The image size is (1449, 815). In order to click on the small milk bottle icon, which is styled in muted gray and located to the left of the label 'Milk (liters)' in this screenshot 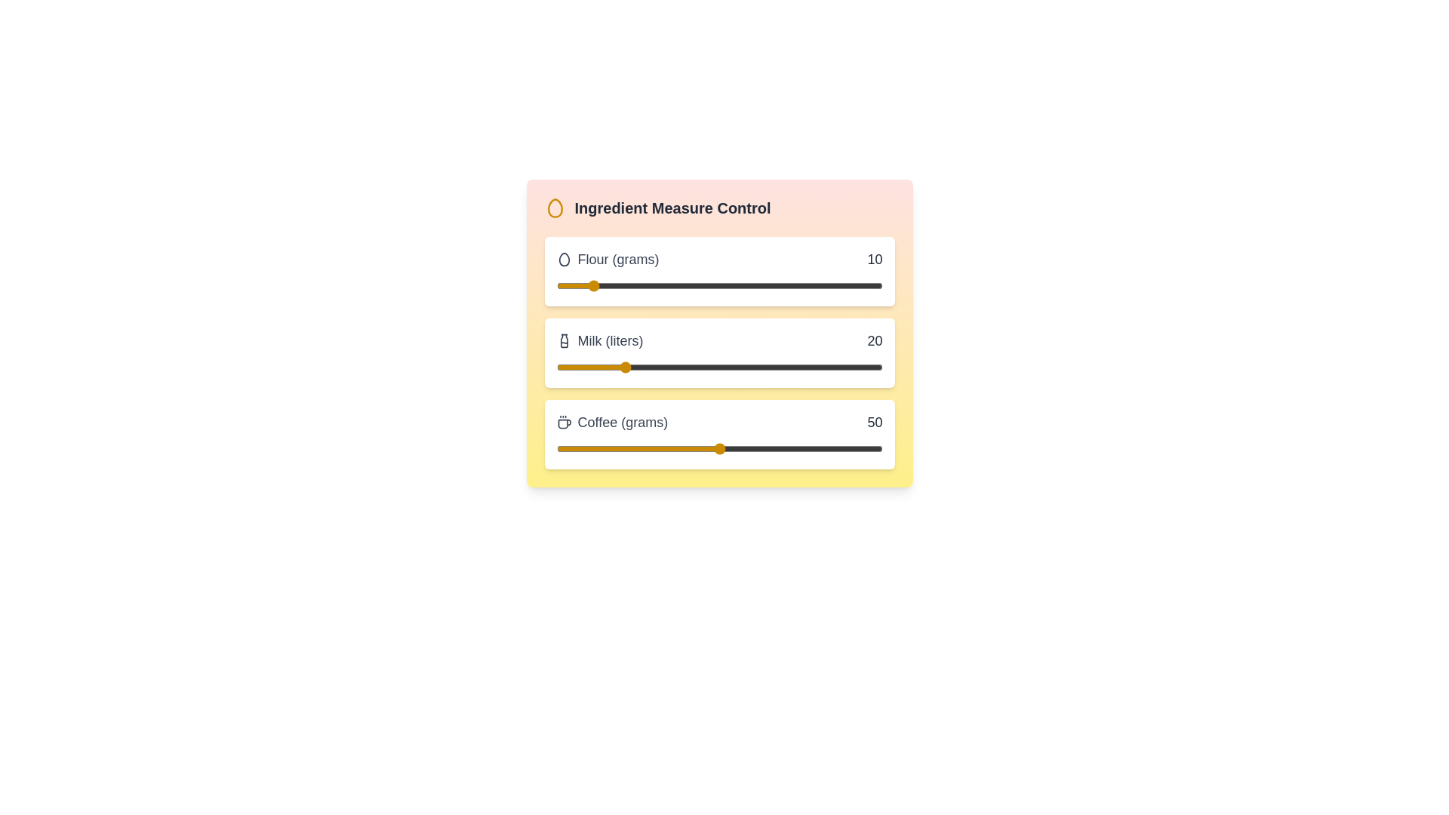, I will do `click(563, 340)`.